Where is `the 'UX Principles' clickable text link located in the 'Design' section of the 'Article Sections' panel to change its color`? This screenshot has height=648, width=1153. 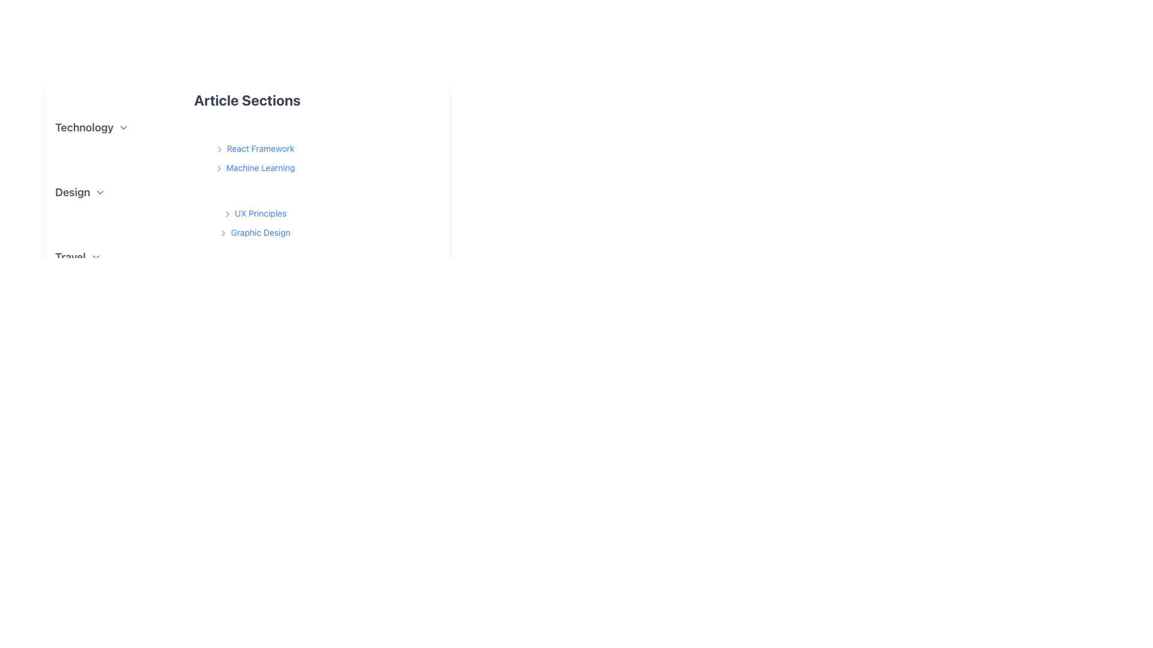
the 'UX Principles' clickable text link located in the 'Design' section of the 'Article Sections' panel to change its color is located at coordinates (253, 212).